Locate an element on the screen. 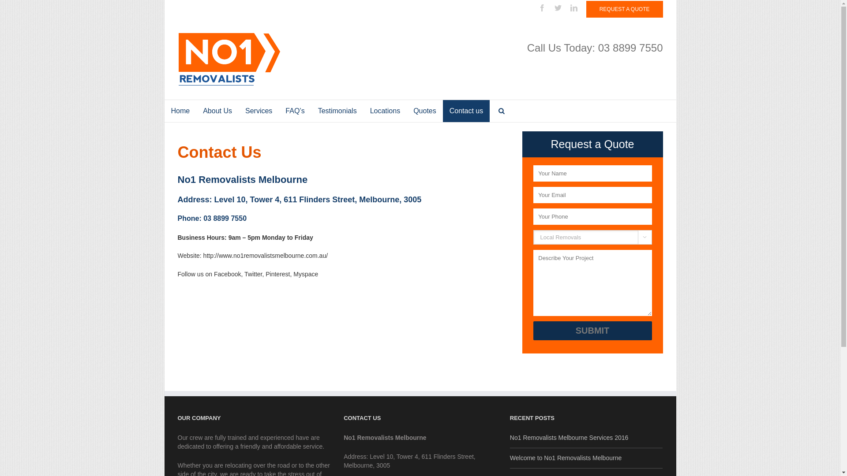  'http://www.no1removalistsmelbourne.com.au/' is located at coordinates (265, 255).